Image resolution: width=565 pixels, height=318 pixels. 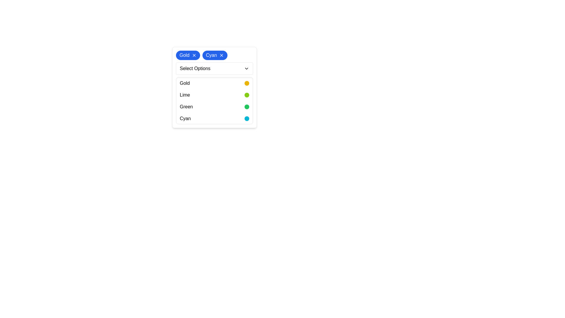 I want to click on the dropdown menu positioned below the selected items labeled 'Gold' and 'Cyan', so click(x=214, y=68).